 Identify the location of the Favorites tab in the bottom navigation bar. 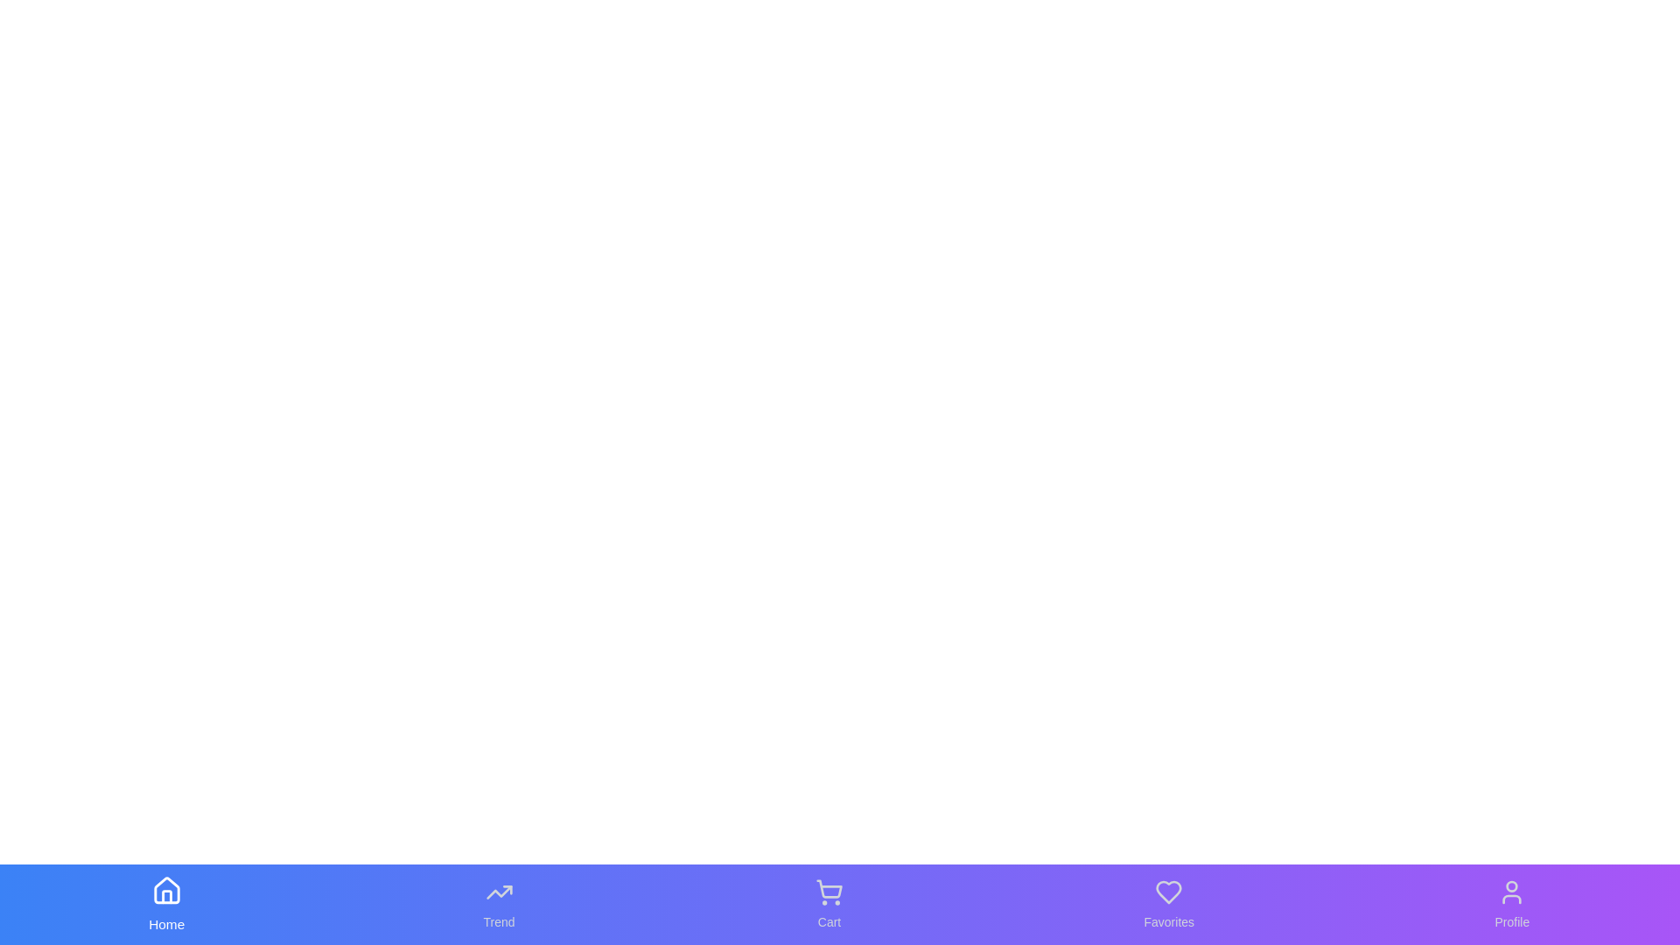
(1168, 904).